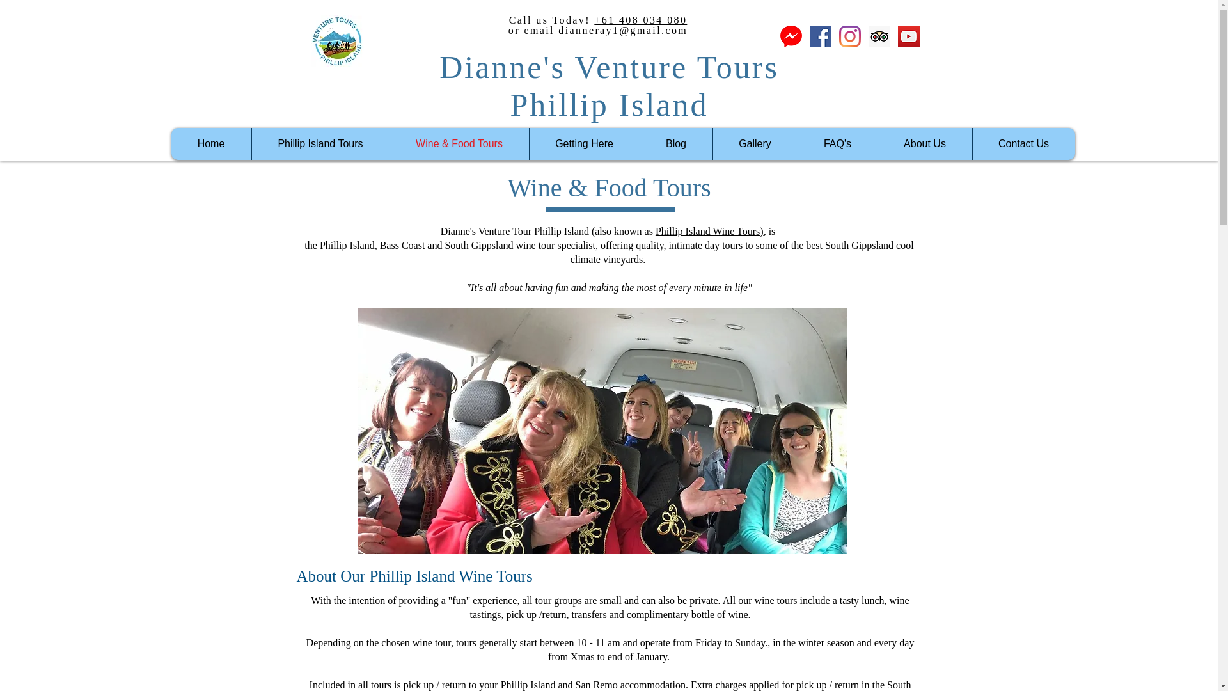 The height and width of the screenshot is (691, 1228). Describe the element at coordinates (528, 143) in the screenshot. I see `'Getting Here'` at that location.